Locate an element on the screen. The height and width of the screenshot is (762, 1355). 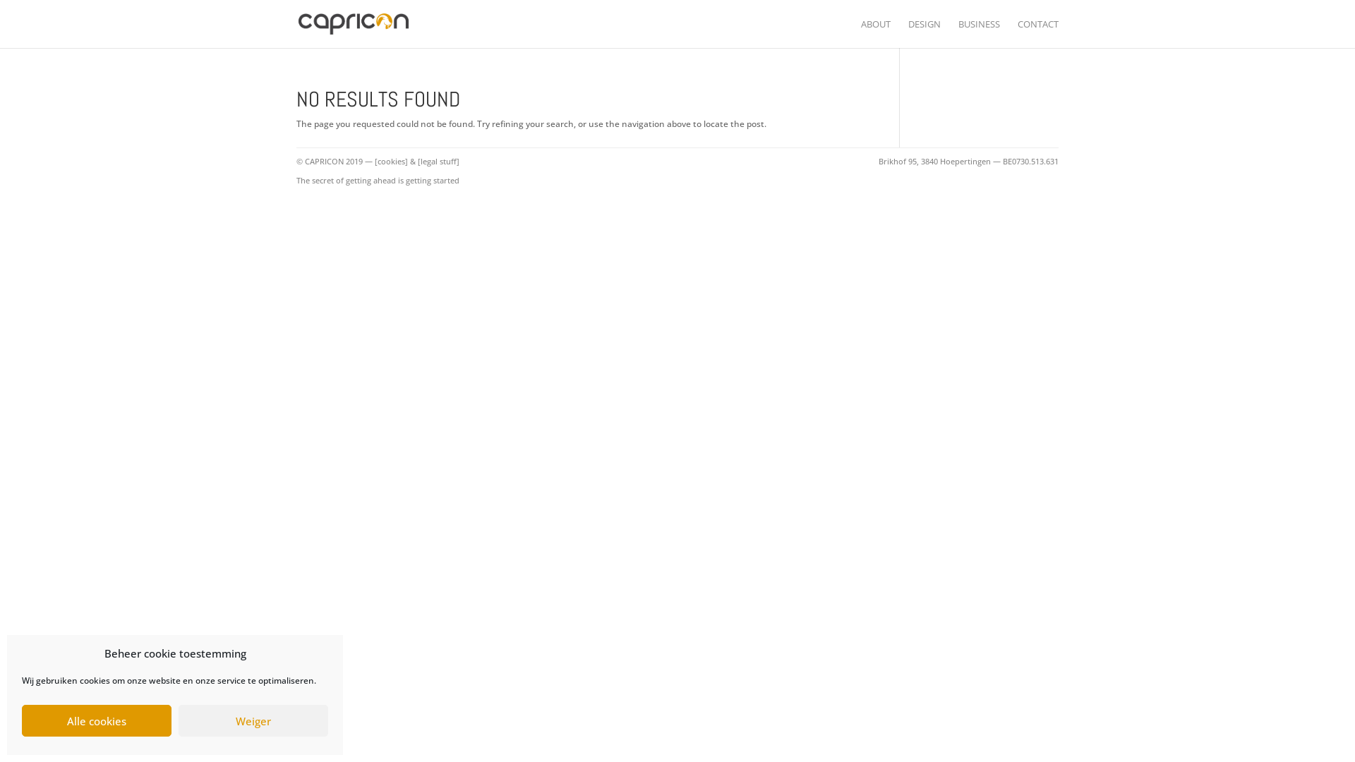
'[legal stuff]' is located at coordinates (438, 160).